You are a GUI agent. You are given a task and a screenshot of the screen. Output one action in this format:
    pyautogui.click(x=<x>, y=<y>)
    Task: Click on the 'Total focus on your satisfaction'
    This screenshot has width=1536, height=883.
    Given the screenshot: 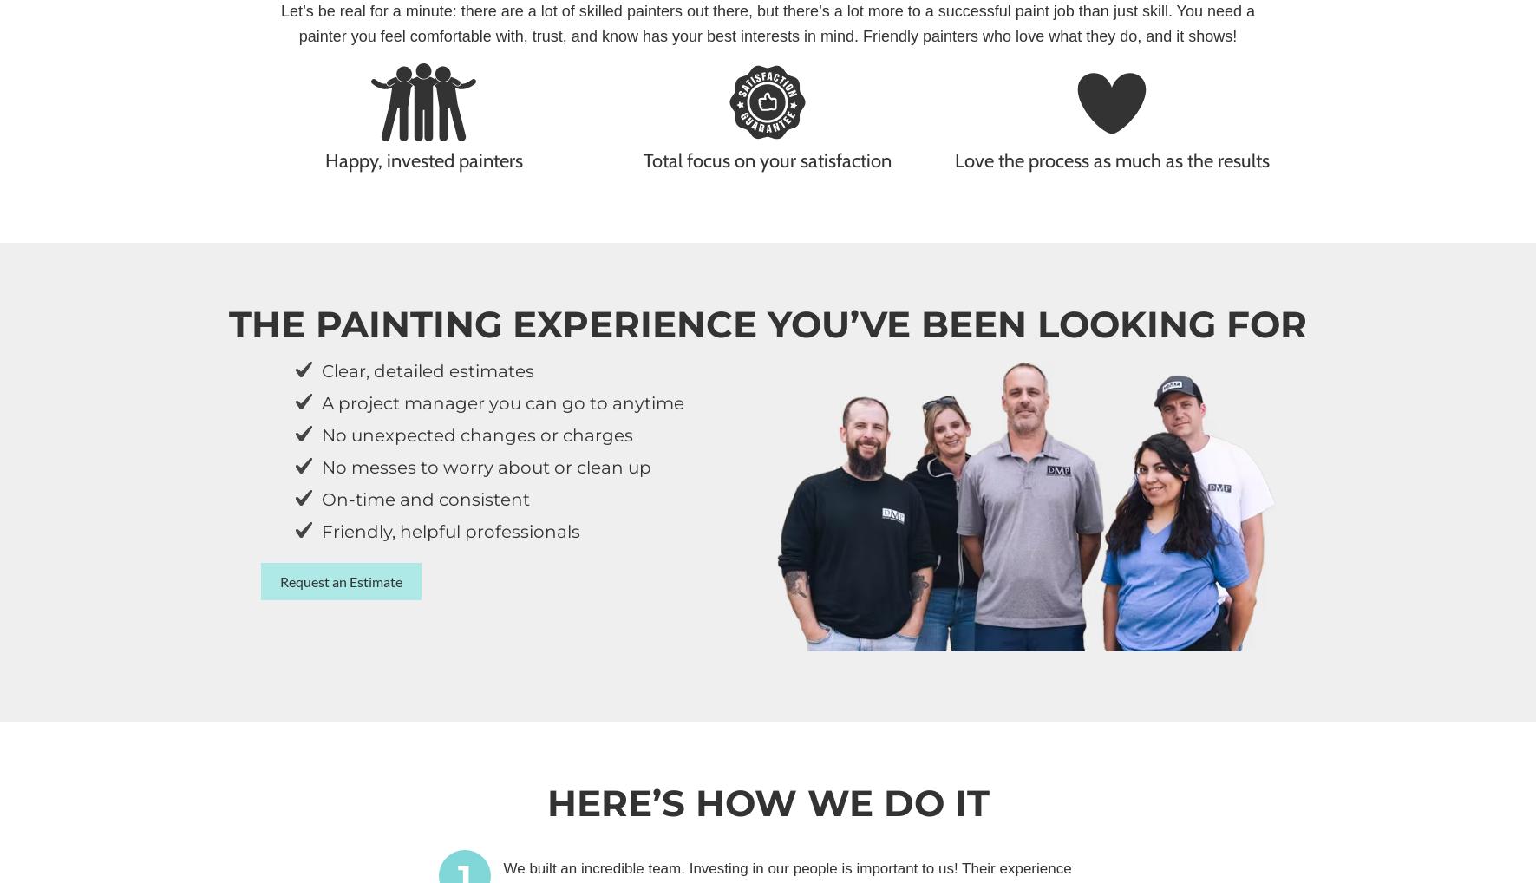 What is the action you would take?
    pyautogui.click(x=644, y=160)
    